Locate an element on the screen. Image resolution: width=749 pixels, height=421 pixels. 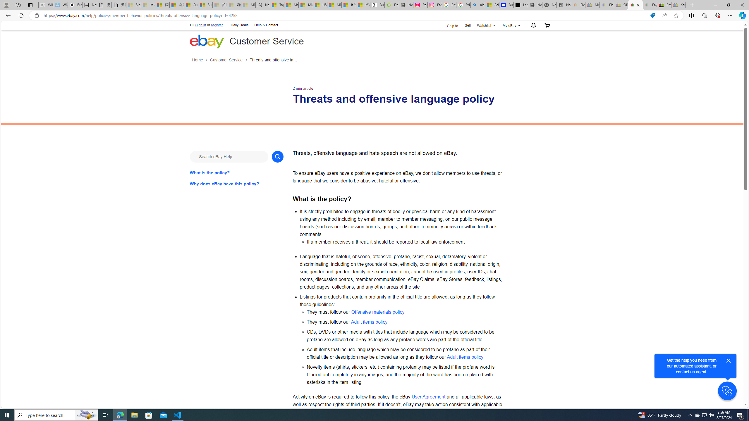
'Back' is located at coordinates (7, 15).